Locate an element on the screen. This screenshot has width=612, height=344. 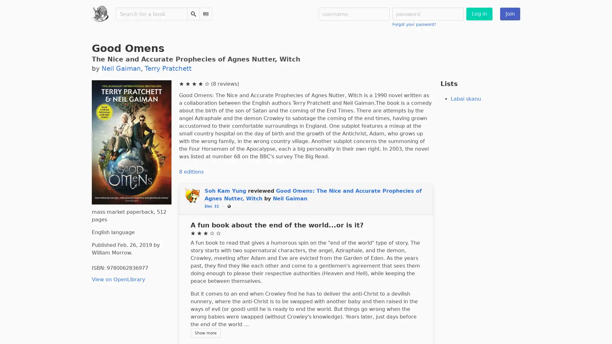
Good Omens (Paperback, 2019, William Morrow) Click to enlarge is located at coordinates (131, 142).